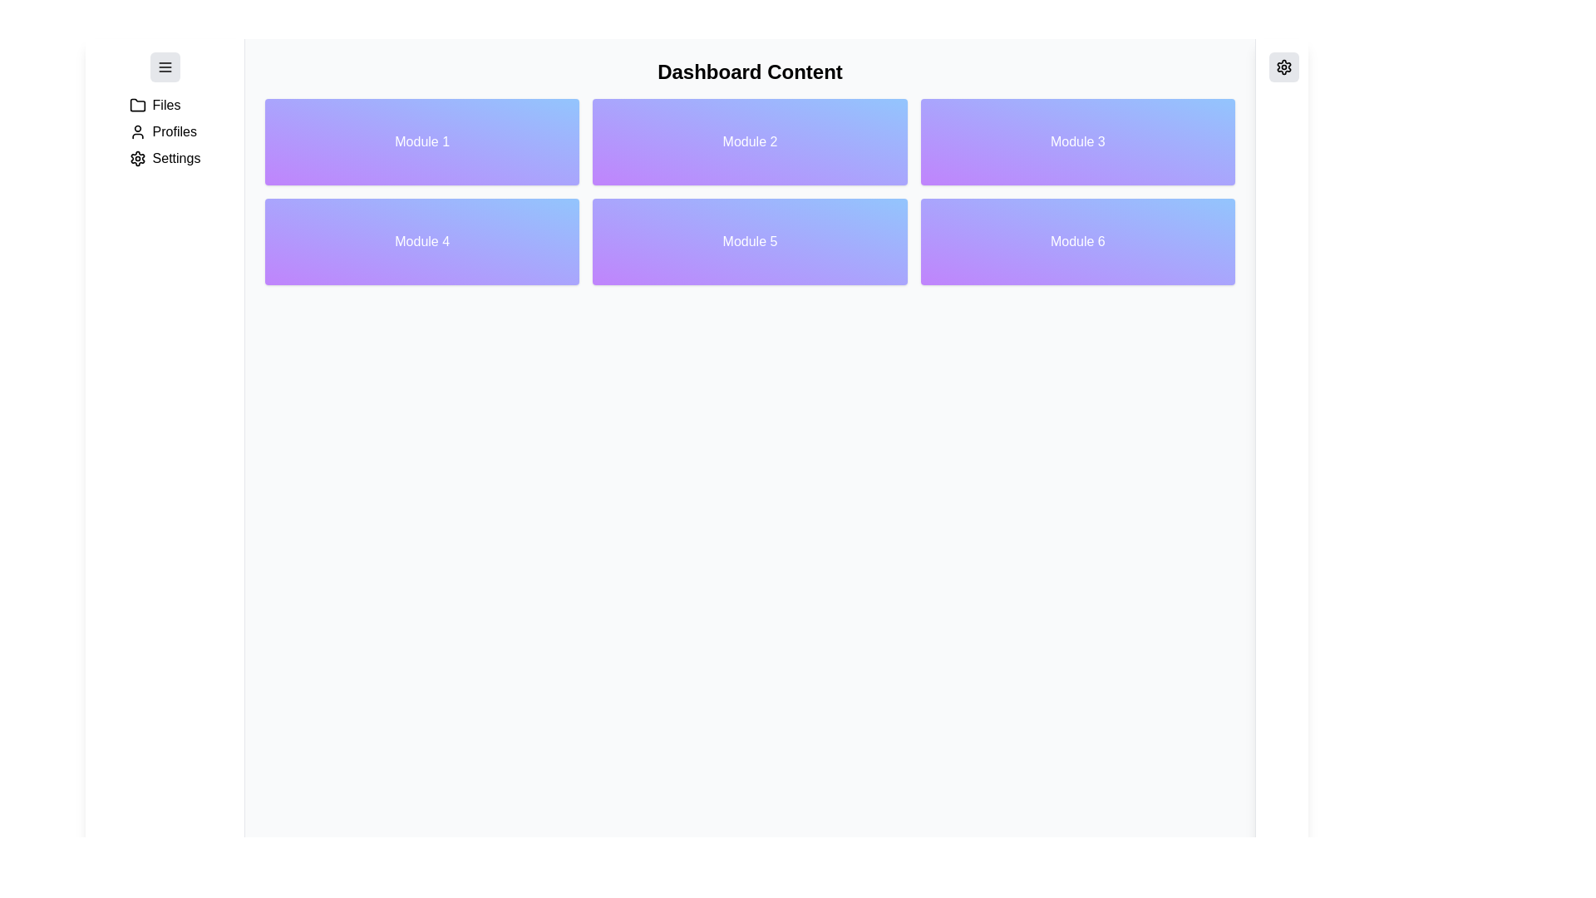 The width and height of the screenshot is (1596, 898). Describe the element at coordinates (165, 67) in the screenshot. I see `the menu toggle button located in the upper left corner of the vertical sidebar` at that location.